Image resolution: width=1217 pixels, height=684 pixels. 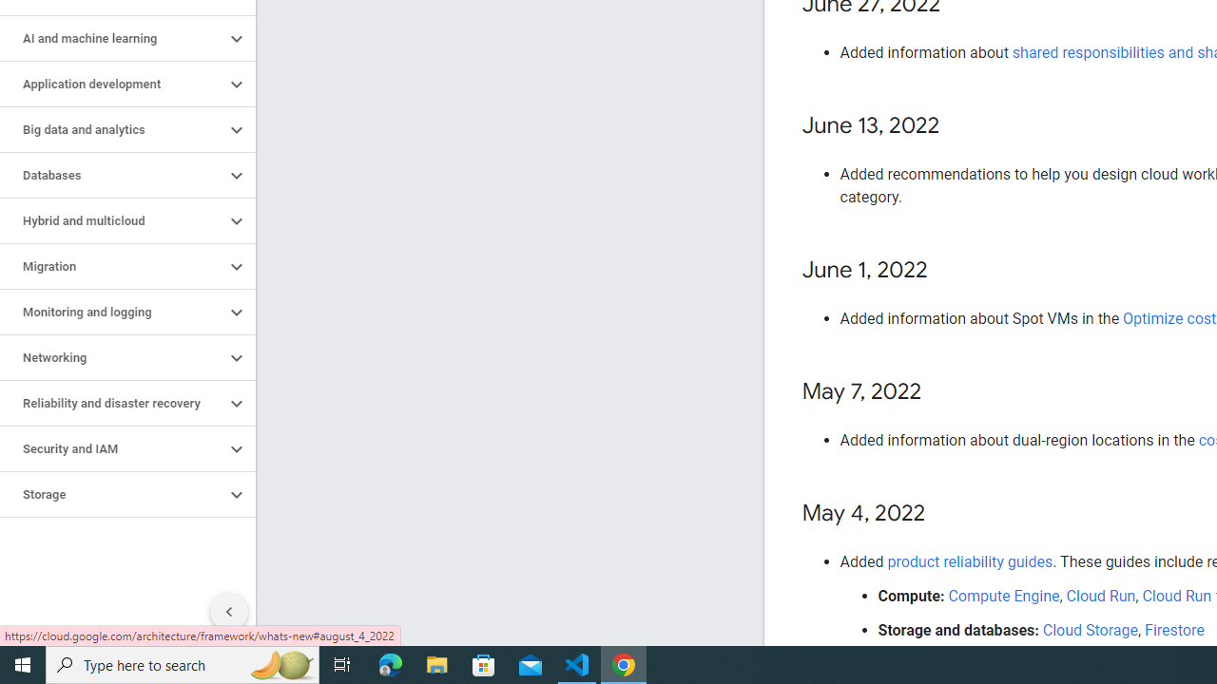 What do you see at coordinates (940, 391) in the screenshot?
I see `'Copy link to this section: May 7, 2022'` at bounding box center [940, 391].